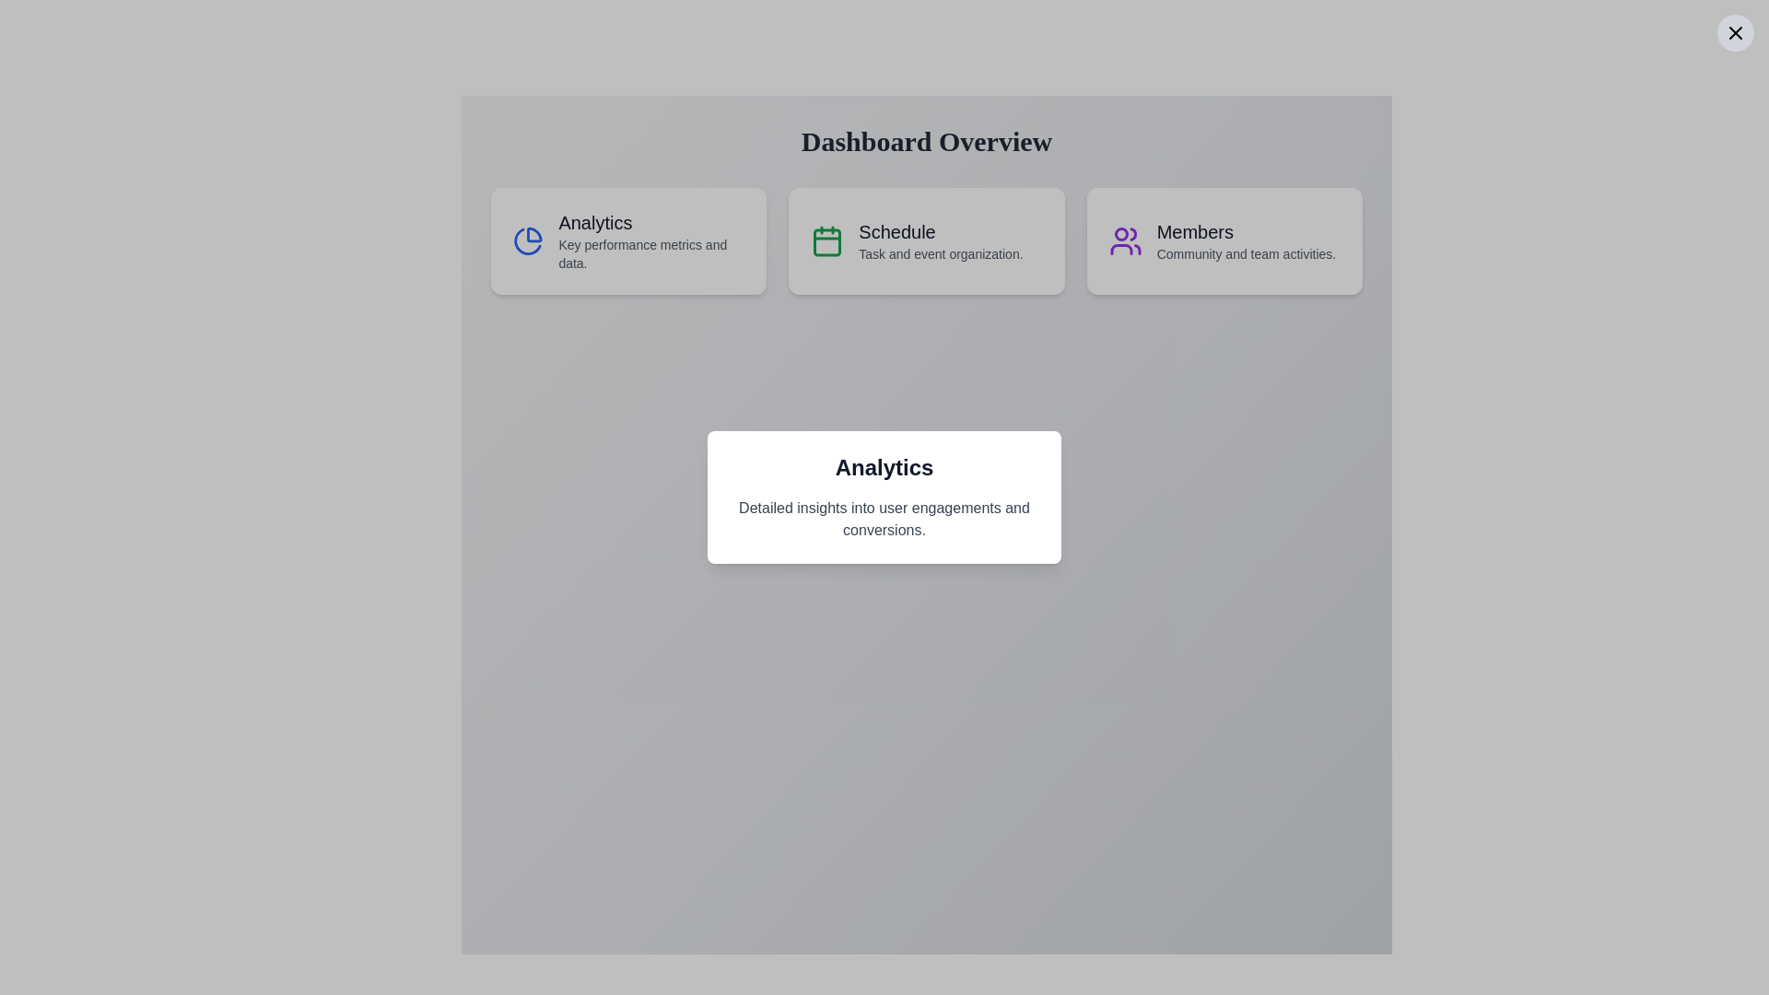  I want to click on the title Text label at the top of the card, which summarizes the content represented by the card, so click(884, 467).